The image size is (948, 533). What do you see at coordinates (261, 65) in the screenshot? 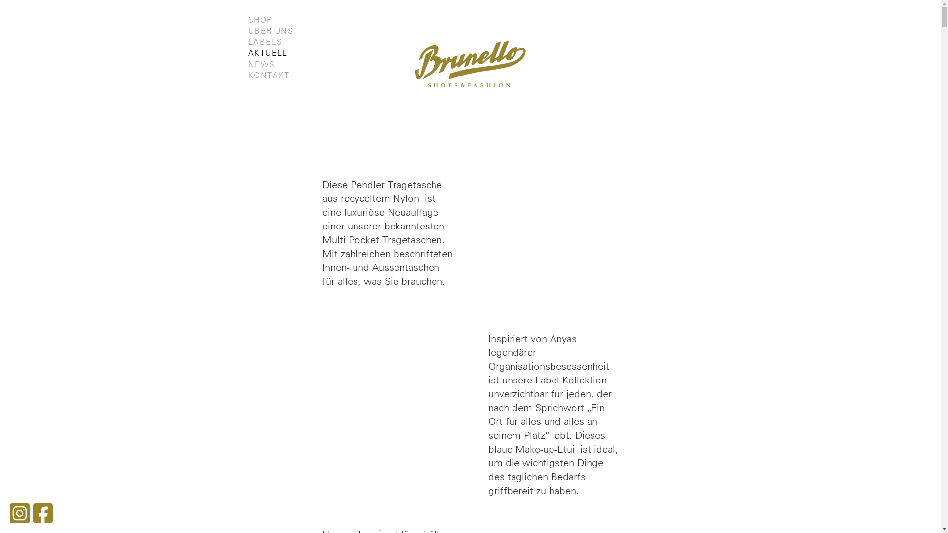
I see `'NEWS'` at bounding box center [261, 65].